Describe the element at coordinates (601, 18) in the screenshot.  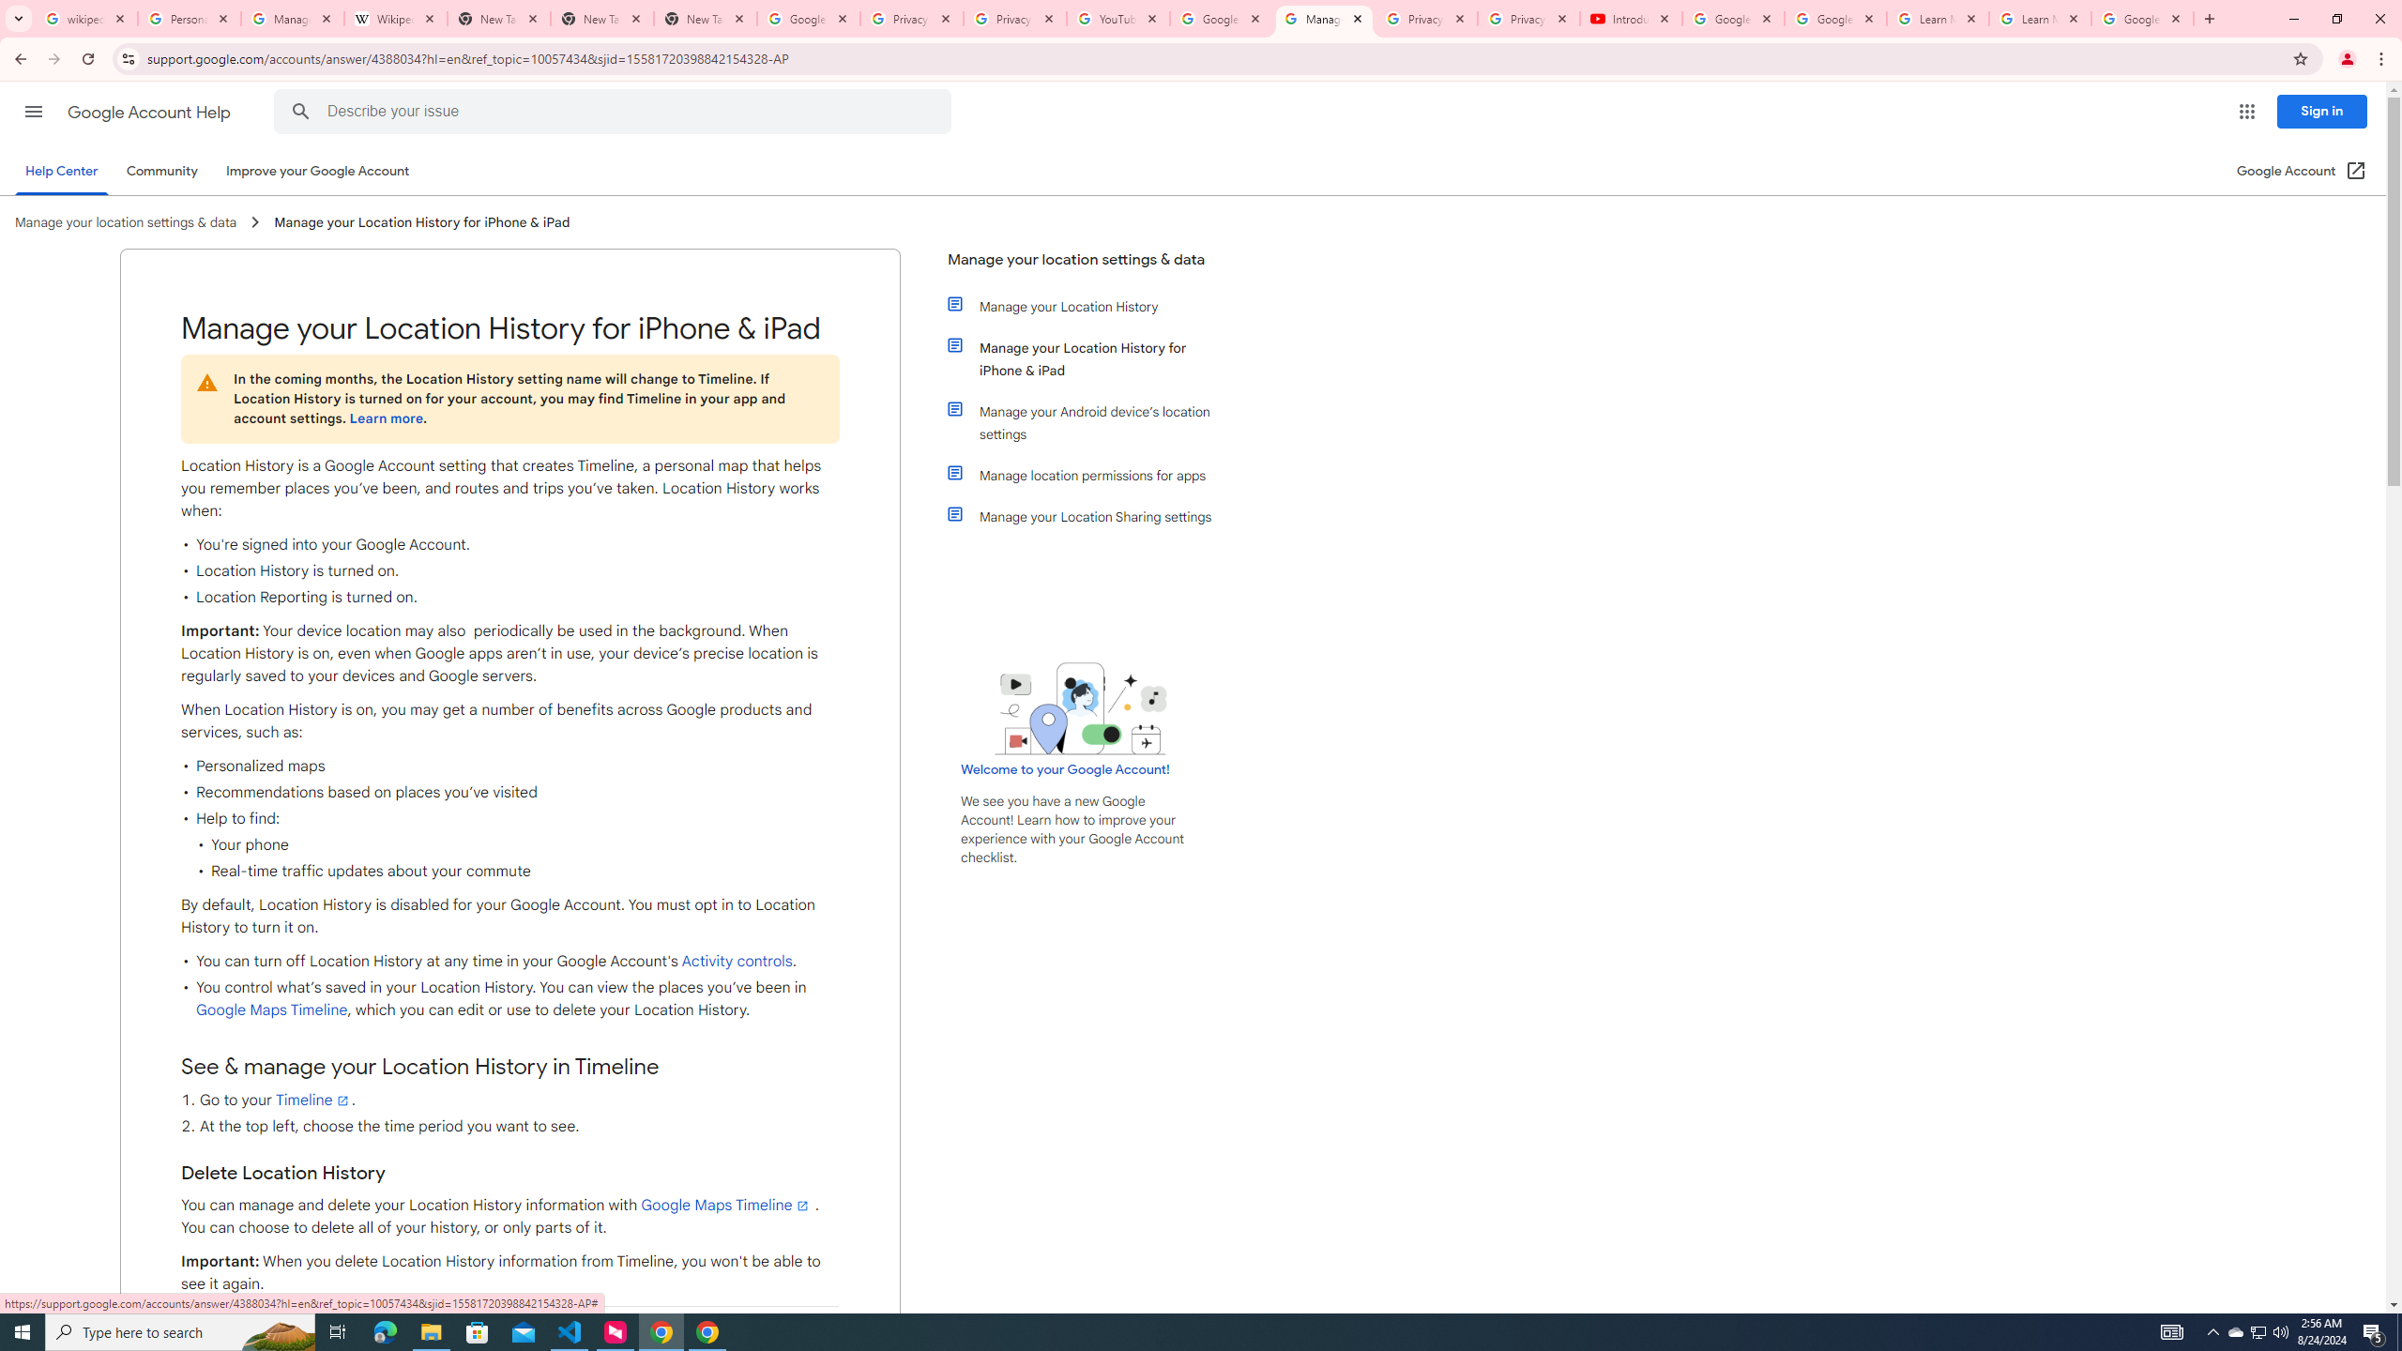
I see `'New Tab'` at that location.